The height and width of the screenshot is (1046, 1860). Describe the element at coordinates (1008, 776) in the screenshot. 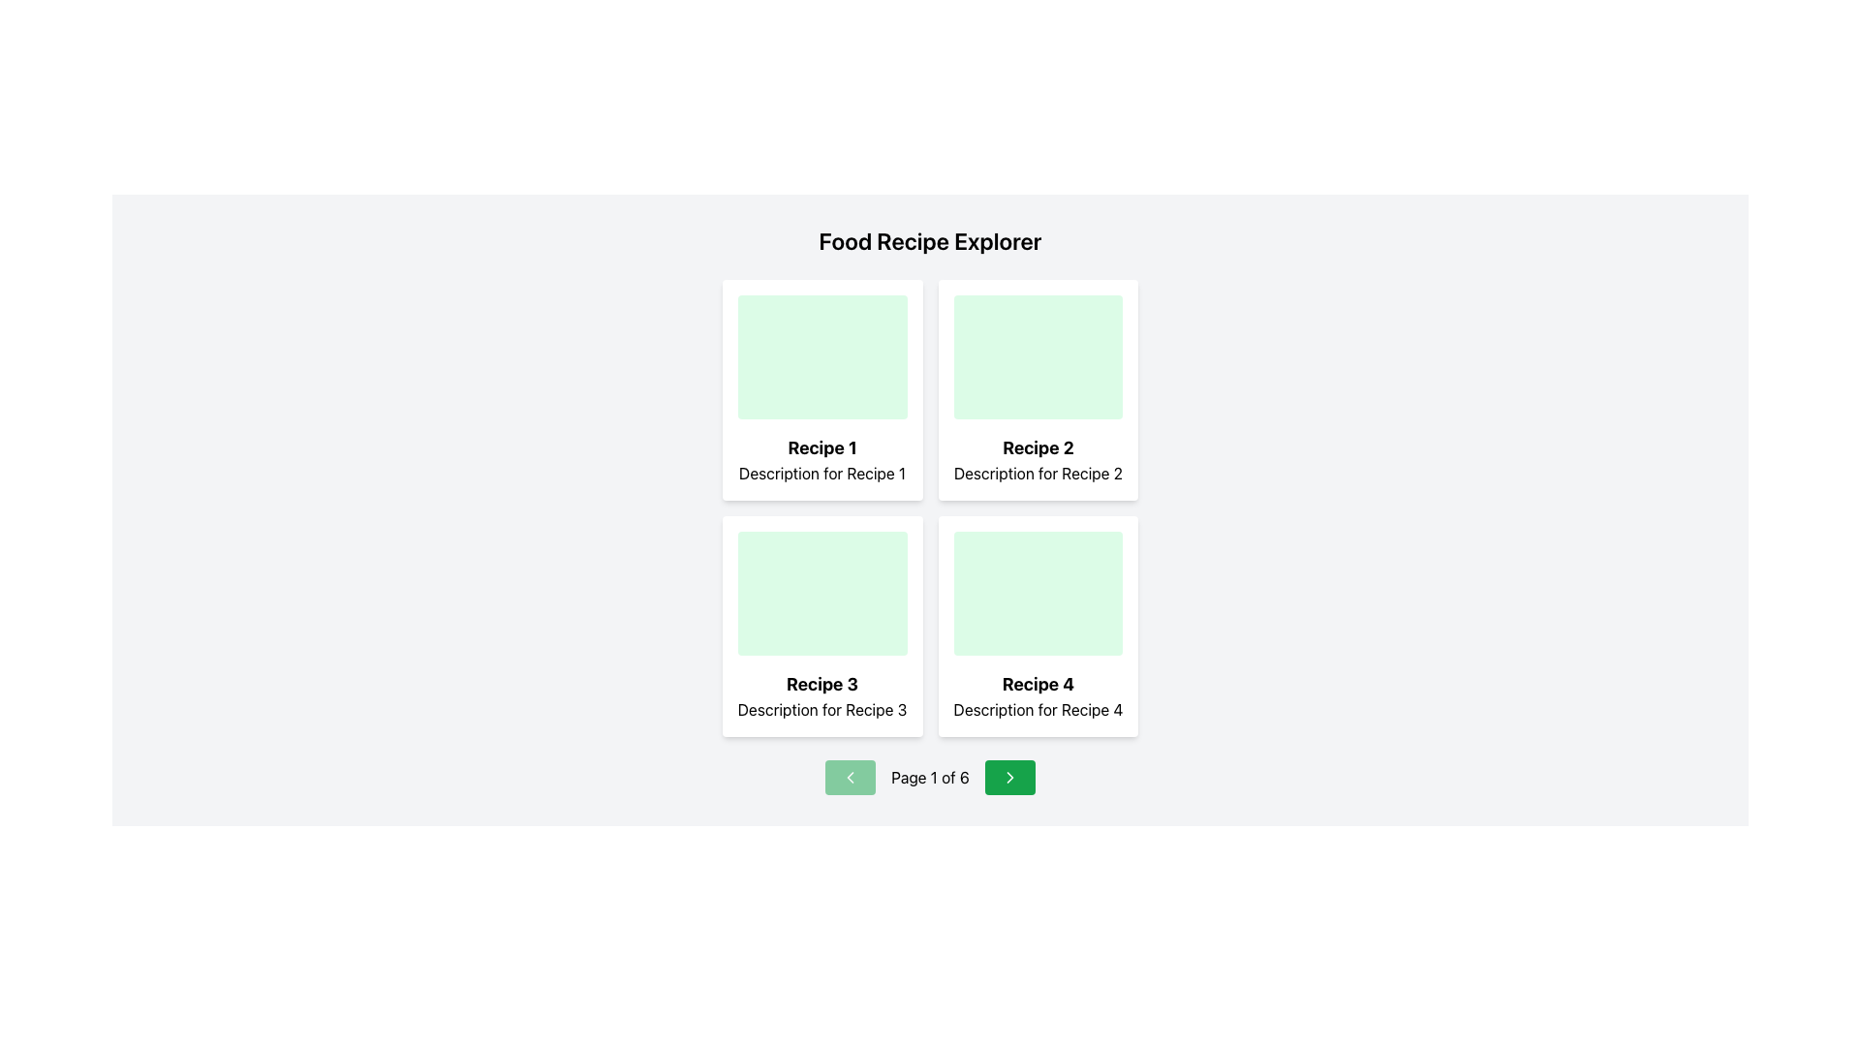

I see `the forward navigation icon located at the bottom center of the interface` at that location.